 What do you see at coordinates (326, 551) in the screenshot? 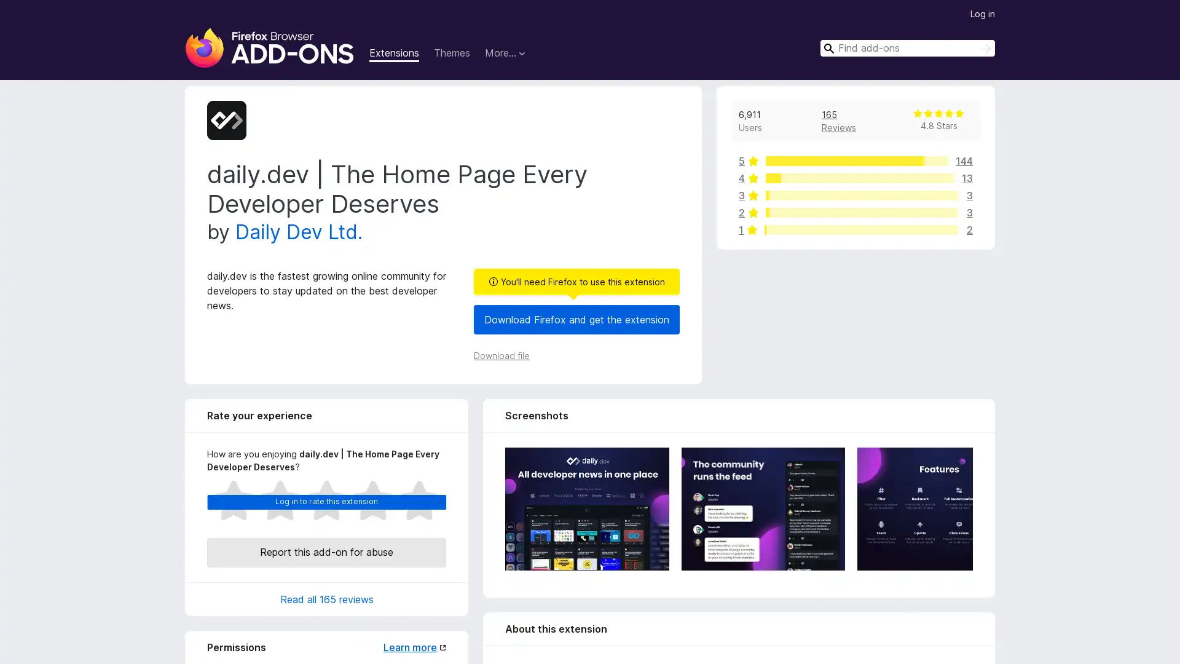
I see `Report this add-on for abuse` at bounding box center [326, 551].